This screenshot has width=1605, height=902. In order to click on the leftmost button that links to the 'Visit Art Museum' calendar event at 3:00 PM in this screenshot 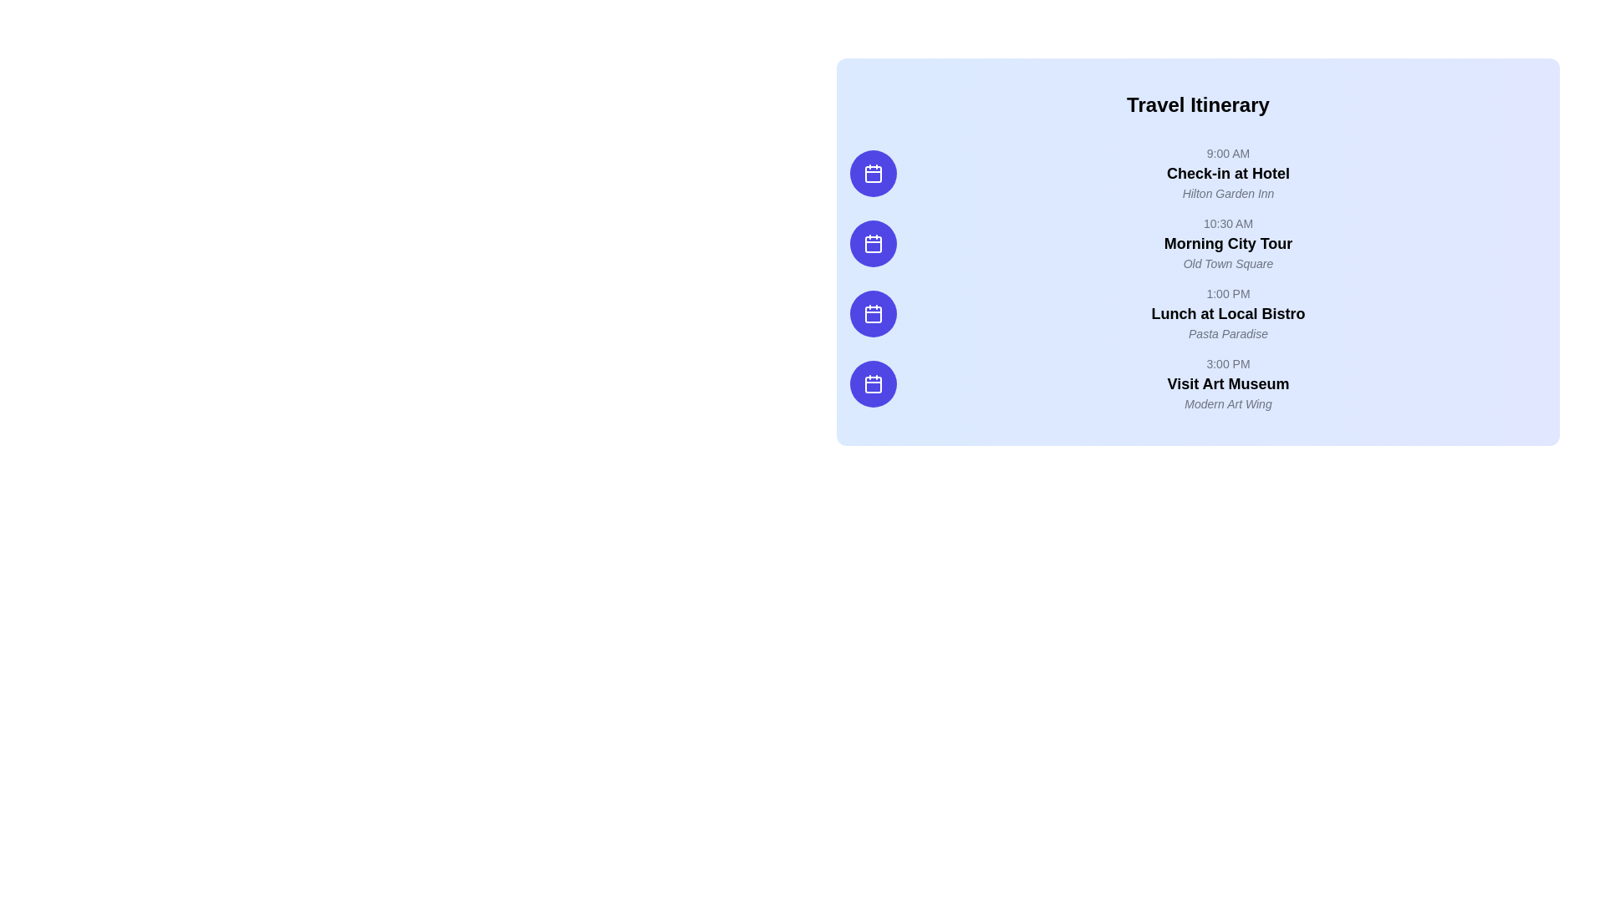, I will do `click(873, 383)`.